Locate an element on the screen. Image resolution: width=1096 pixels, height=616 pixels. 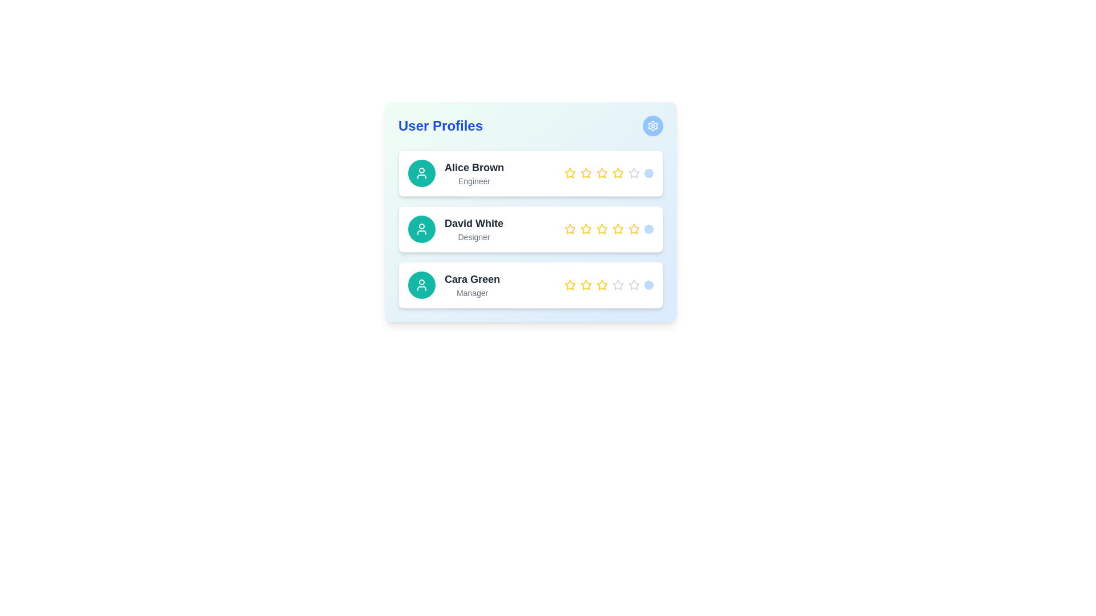
the gear icon representing settings, located at the top-right corner of the 'User Profiles' card, to trigger its functionalities is located at coordinates (652, 125).